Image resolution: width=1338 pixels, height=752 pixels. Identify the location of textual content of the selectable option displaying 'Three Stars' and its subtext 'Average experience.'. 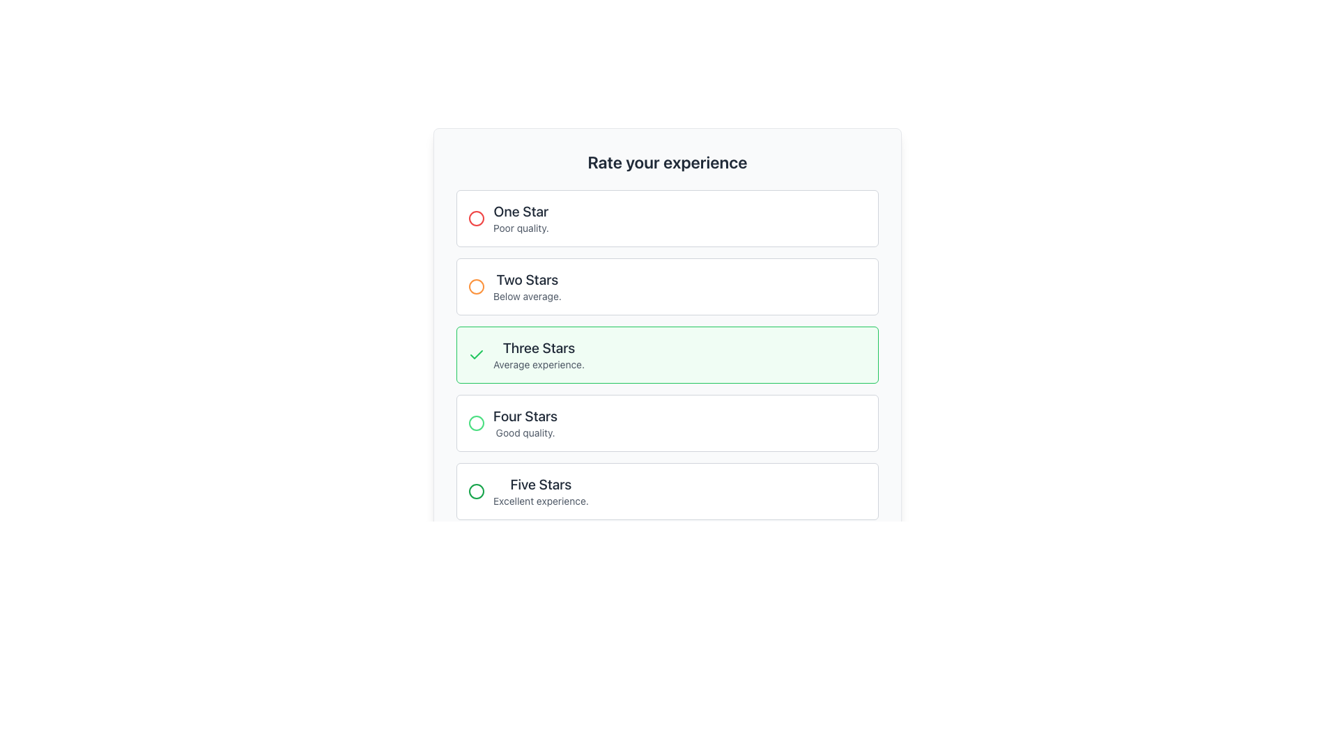
(538, 354).